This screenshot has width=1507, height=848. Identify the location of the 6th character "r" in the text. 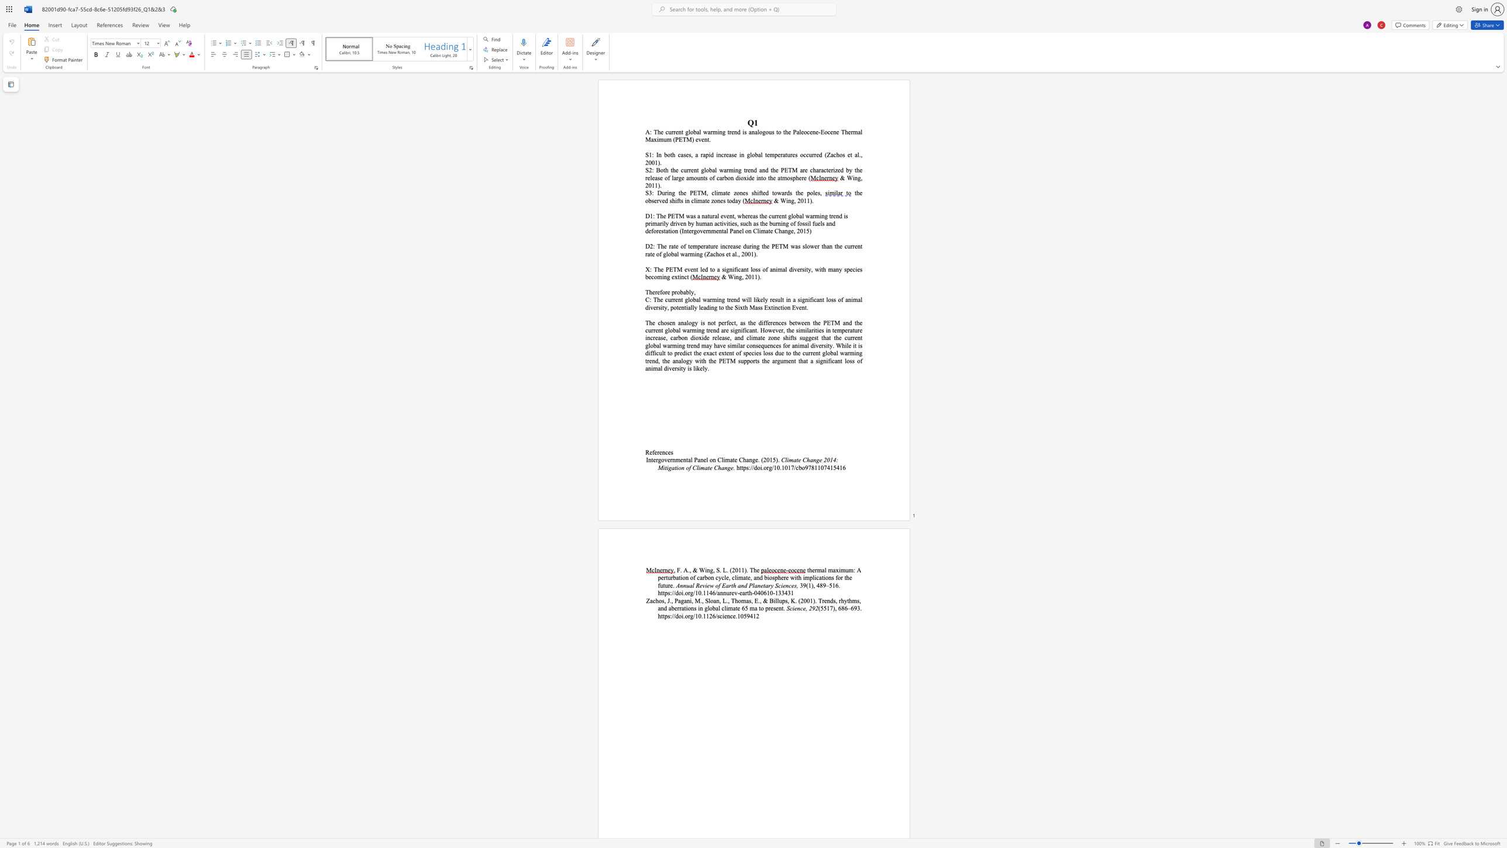
(676, 337).